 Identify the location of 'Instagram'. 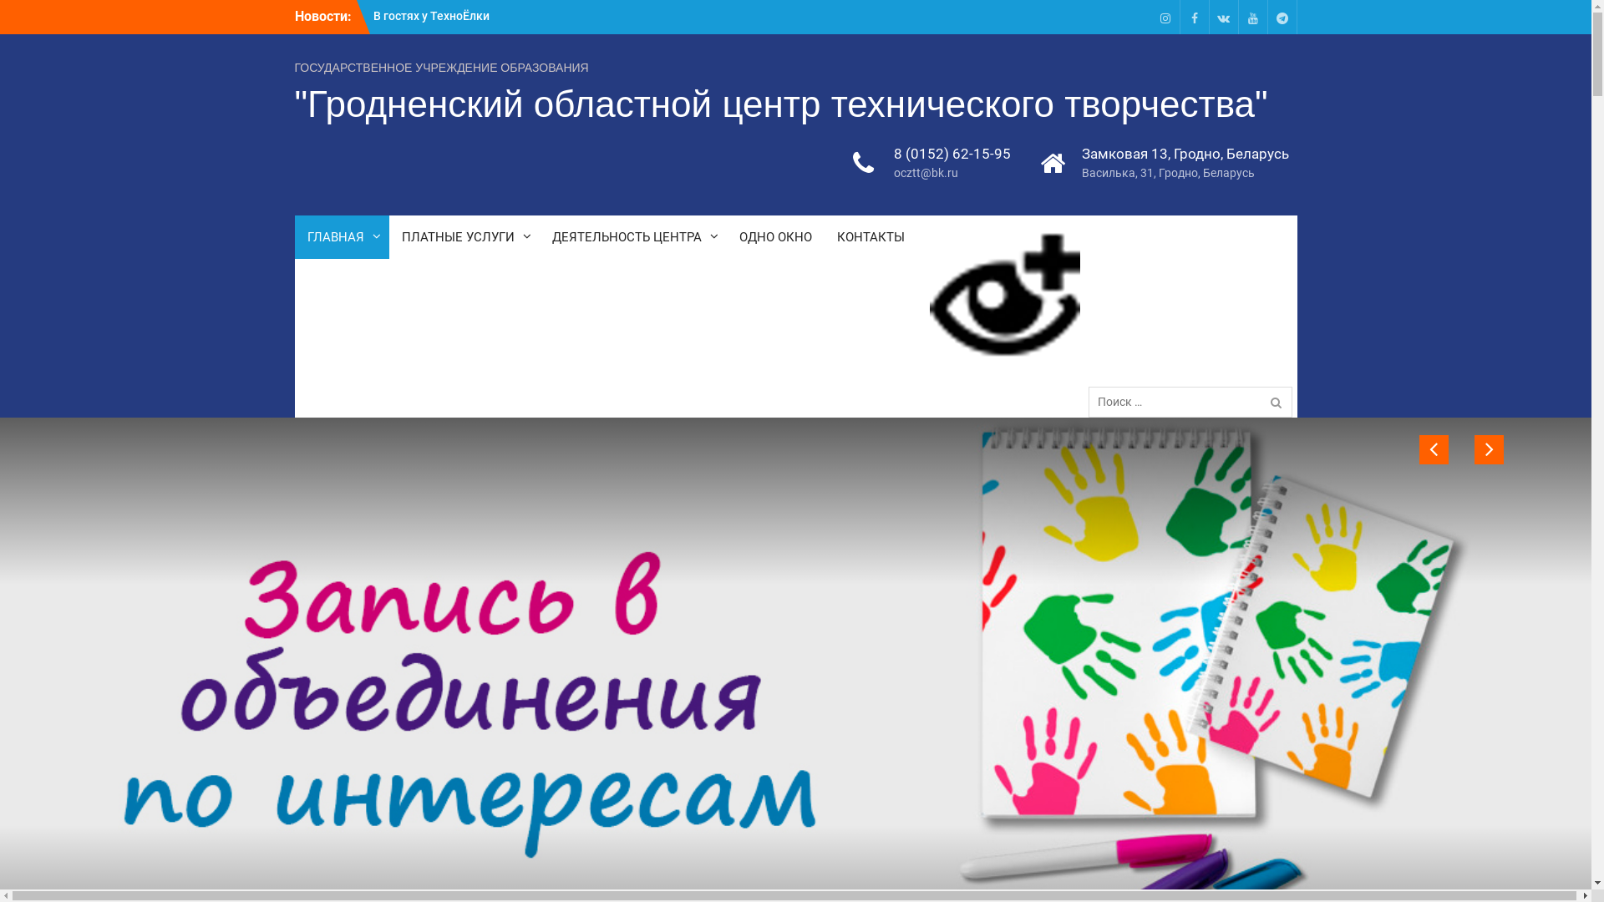
(1155, 17).